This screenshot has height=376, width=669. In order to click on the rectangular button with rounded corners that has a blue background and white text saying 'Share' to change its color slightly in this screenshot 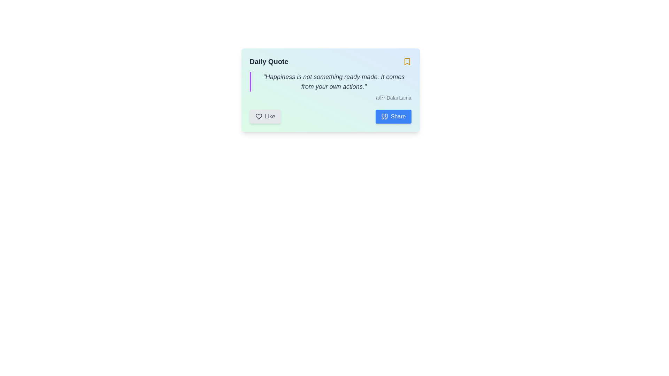, I will do `click(393, 116)`.